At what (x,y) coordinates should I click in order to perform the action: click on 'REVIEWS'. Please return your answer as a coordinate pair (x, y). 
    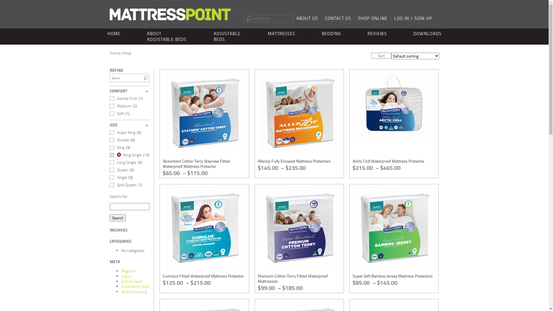
    Looking at the image, I should click on (354, 33).